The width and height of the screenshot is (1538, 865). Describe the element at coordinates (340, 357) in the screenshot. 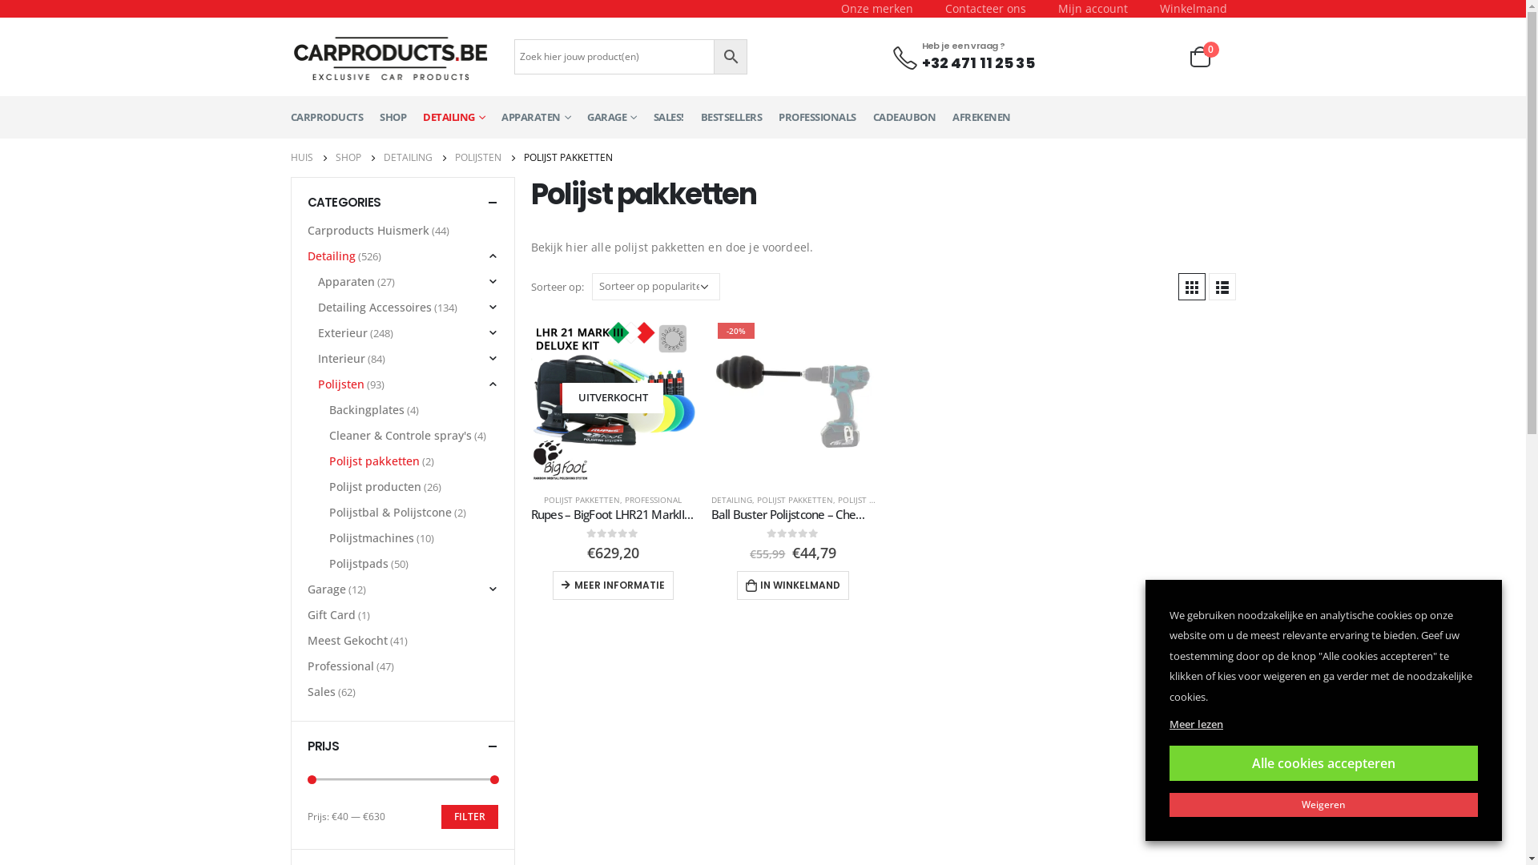

I see `'Interieur'` at that location.